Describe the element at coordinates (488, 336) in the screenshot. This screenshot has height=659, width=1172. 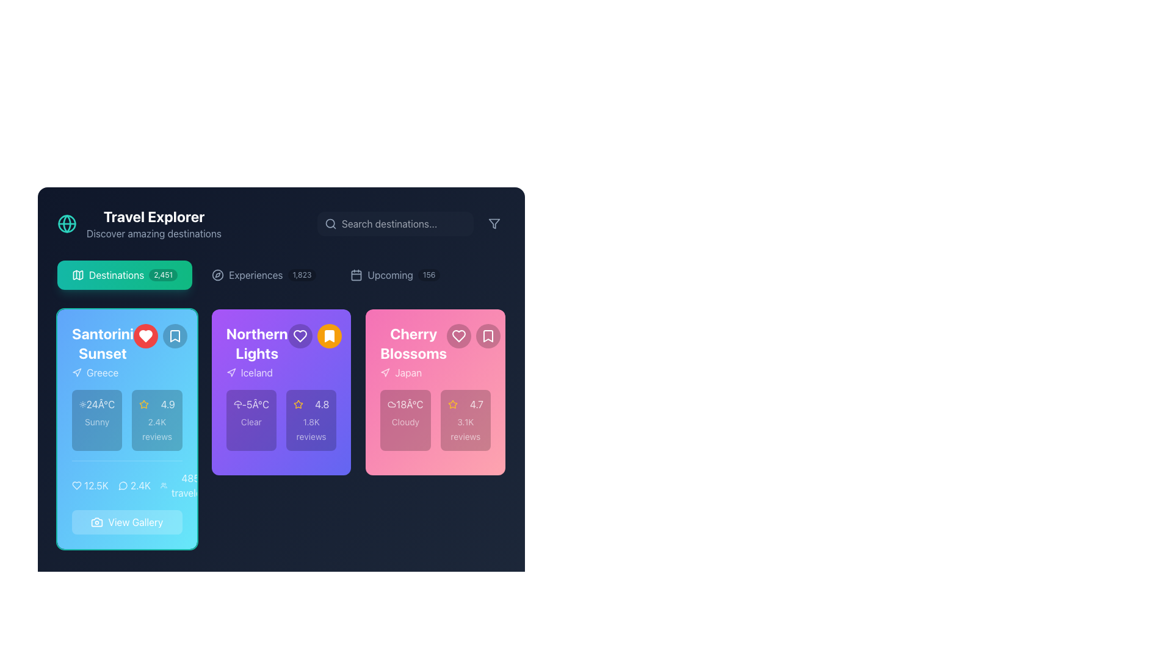
I see `the bookmark icon button located at the top-right corner of the 'Cherry Blossoms, Japan' card` at that location.